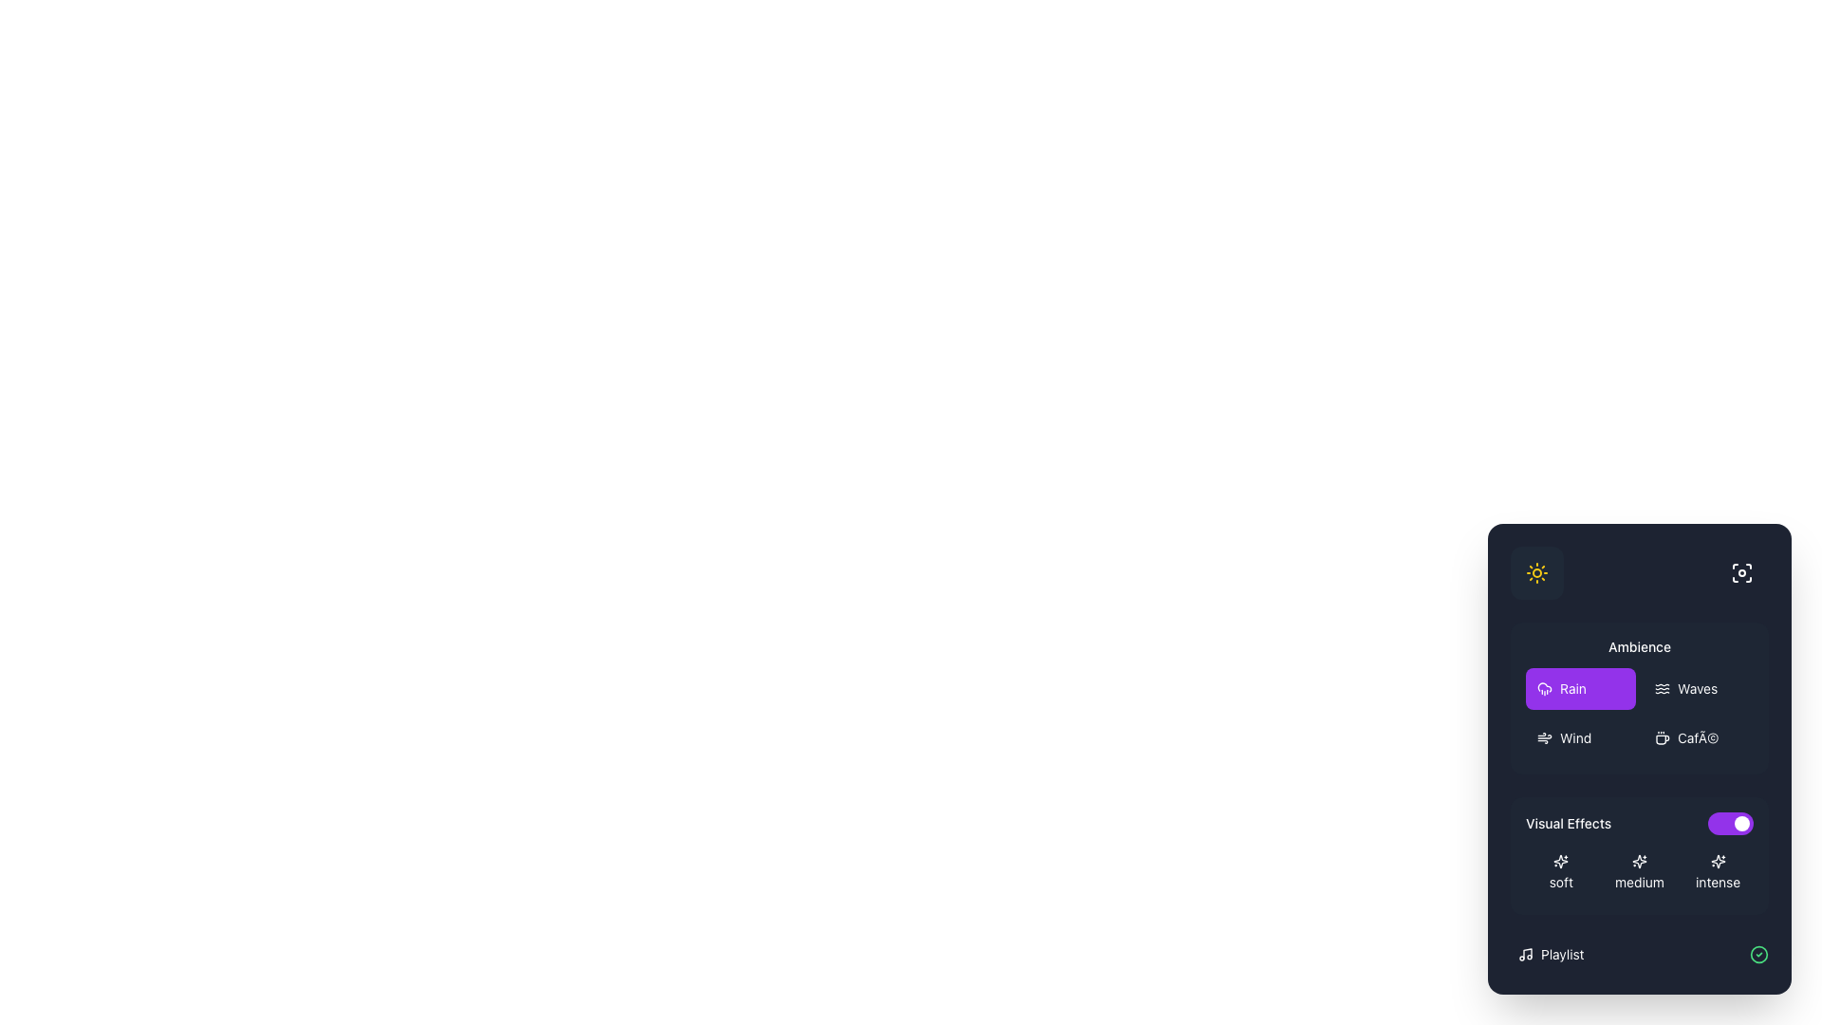  What do you see at coordinates (1562, 955) in the screenshot?
I see `the text label reading 'Playlist' located to the right of the music icon in the bottom-left corner of the dark-themed sidebar` at bounding box center [1562, 955].